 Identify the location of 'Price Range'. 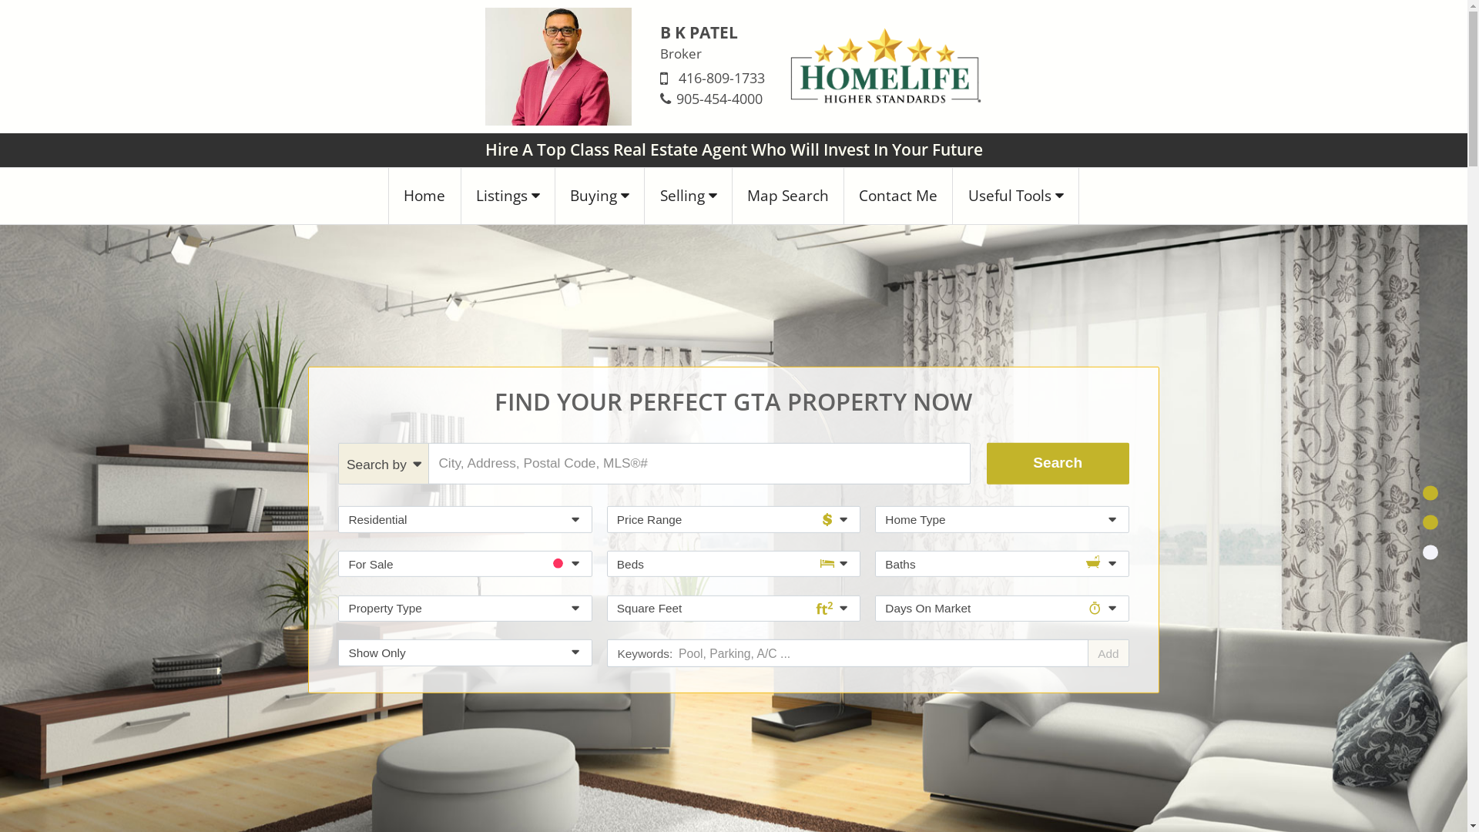
(733, 519).